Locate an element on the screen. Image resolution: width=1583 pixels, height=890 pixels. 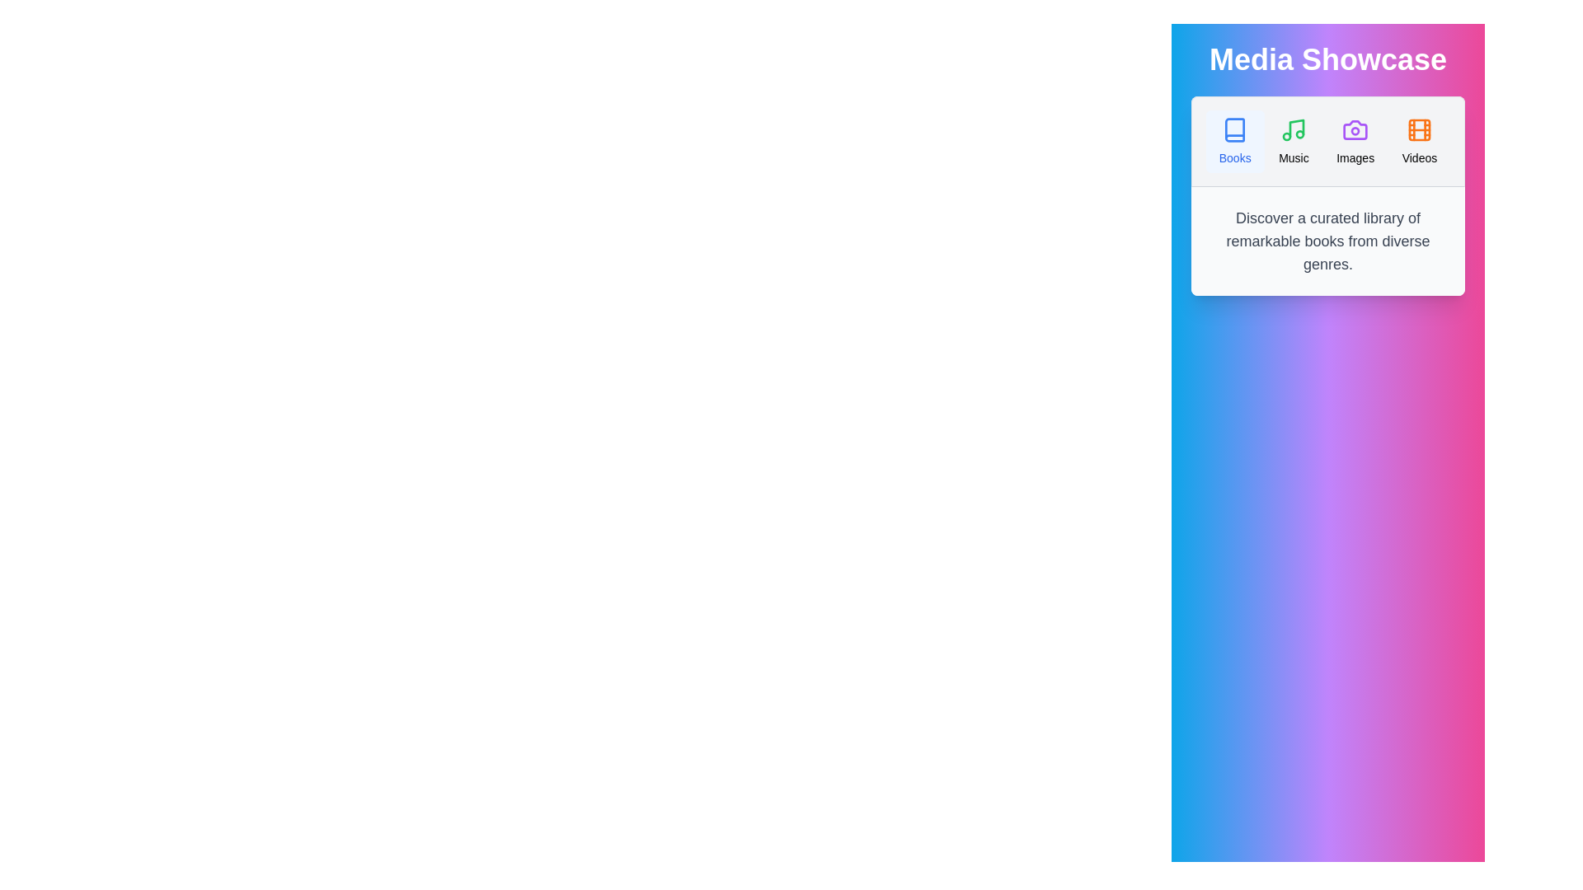
the media category Music by clicking its icon is located at coordinates (1293, 141).